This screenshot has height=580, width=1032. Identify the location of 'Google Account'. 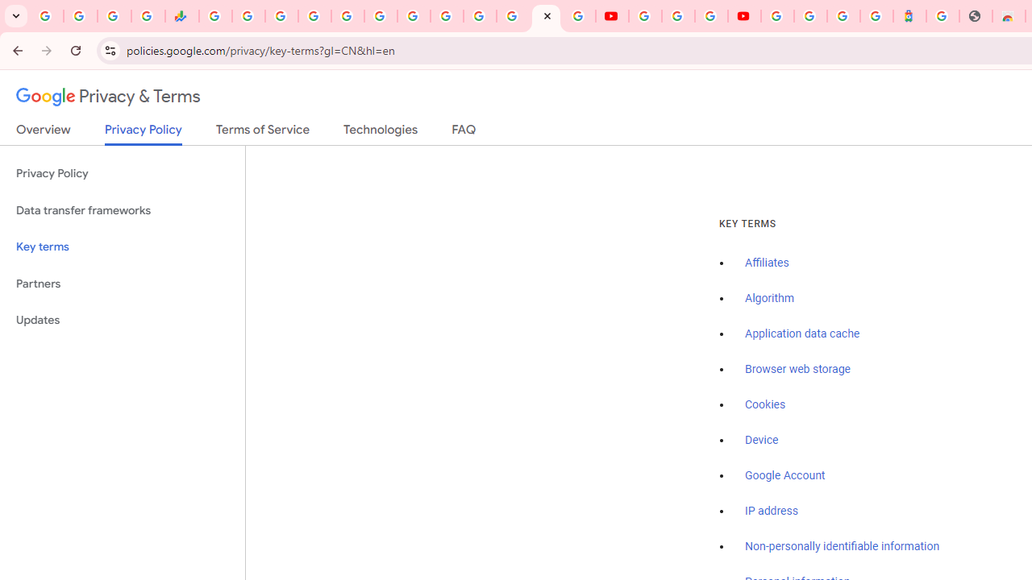
(785, 474).